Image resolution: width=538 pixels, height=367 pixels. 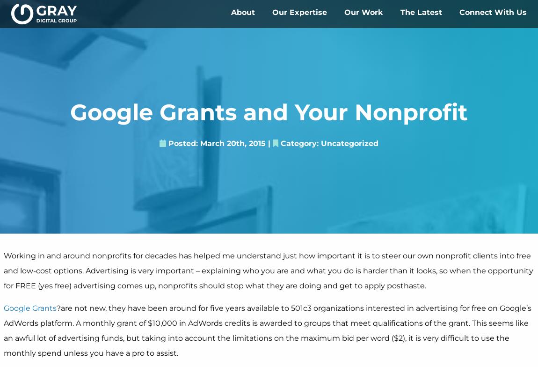 What do you see at coordinates (243, 12) in the screenshot?
I see `'About'` at bounding box center [243, 12].